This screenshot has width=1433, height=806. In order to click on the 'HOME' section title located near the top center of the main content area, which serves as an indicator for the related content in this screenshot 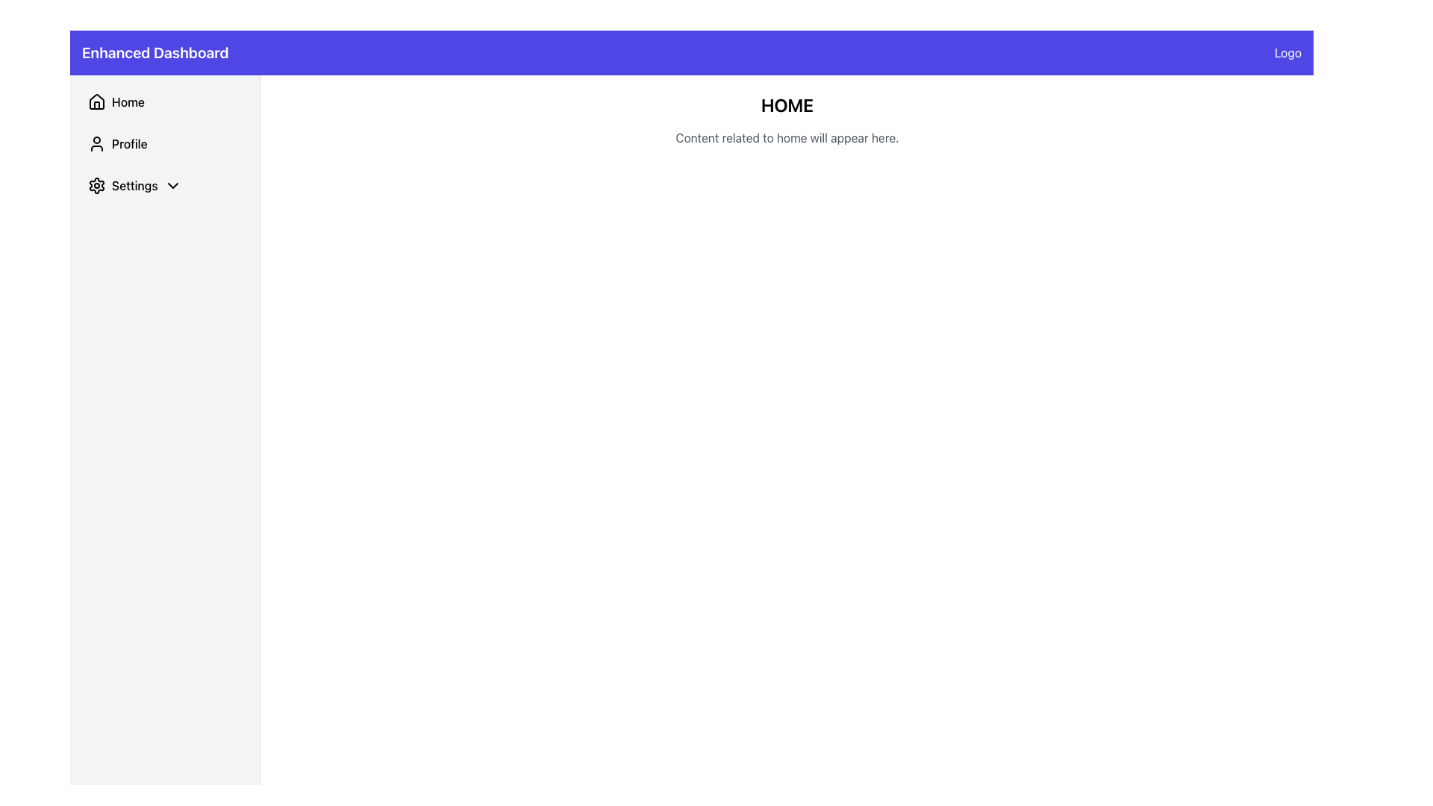, I will do `click(787, 104)`.